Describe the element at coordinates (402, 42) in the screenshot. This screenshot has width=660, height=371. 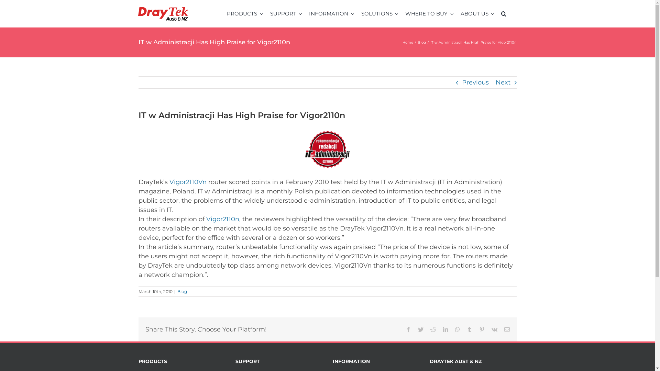
I see `'Home'` at that location.